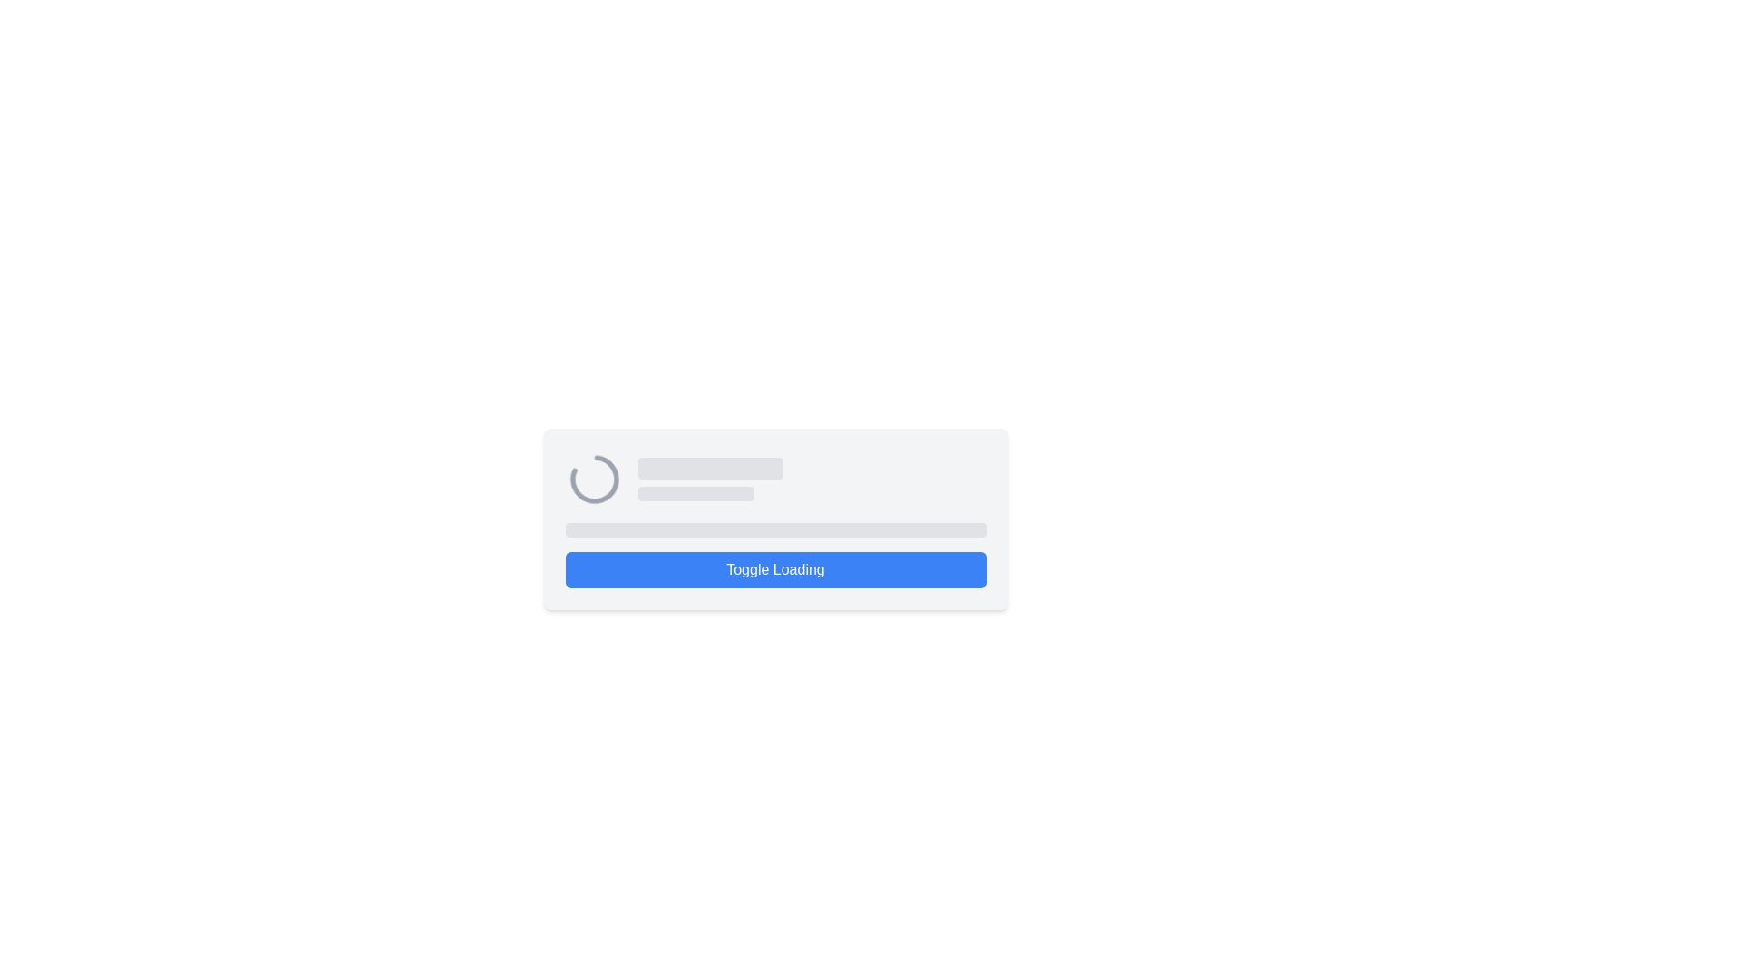  Describe the element at coordinates (775, 568) in the screenshot. I see `the toggle loading state button located at the bottom of the grayish box with rounded corners` at that location.